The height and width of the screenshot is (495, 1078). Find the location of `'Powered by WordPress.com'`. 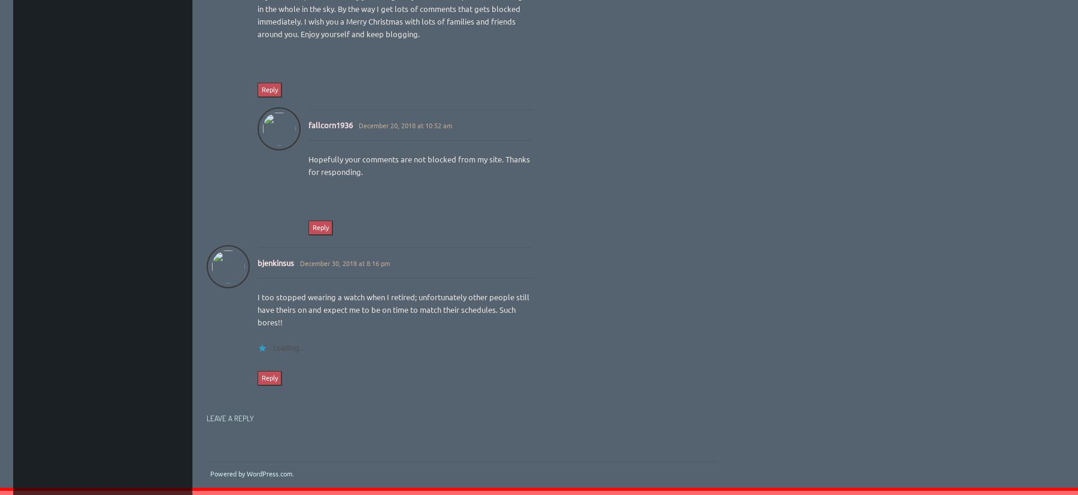

'Powered by WordPress.com' is located at coordinates (250, 473).